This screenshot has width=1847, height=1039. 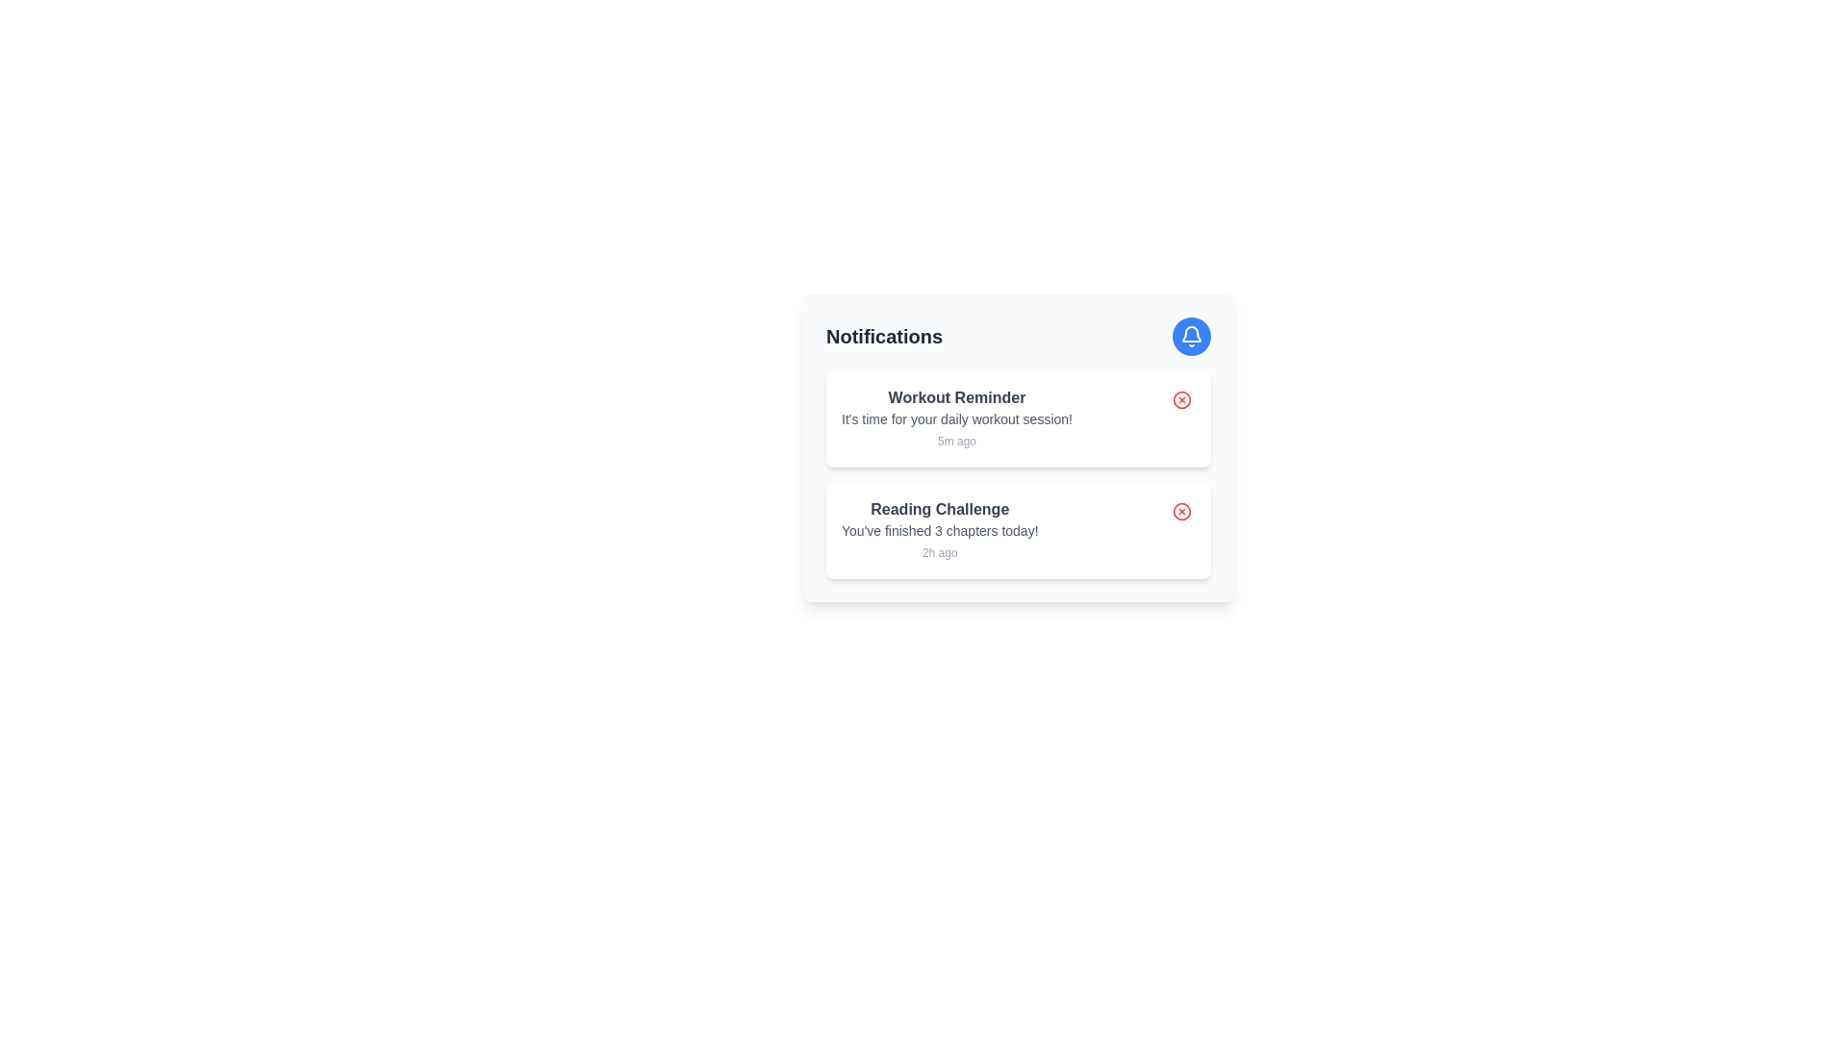 What do you see at coordinates (883, 336) in the screenshot?
I see `the bolded 'Notifications' text label at the top center of the notification section` at bounding box center [883, 336].